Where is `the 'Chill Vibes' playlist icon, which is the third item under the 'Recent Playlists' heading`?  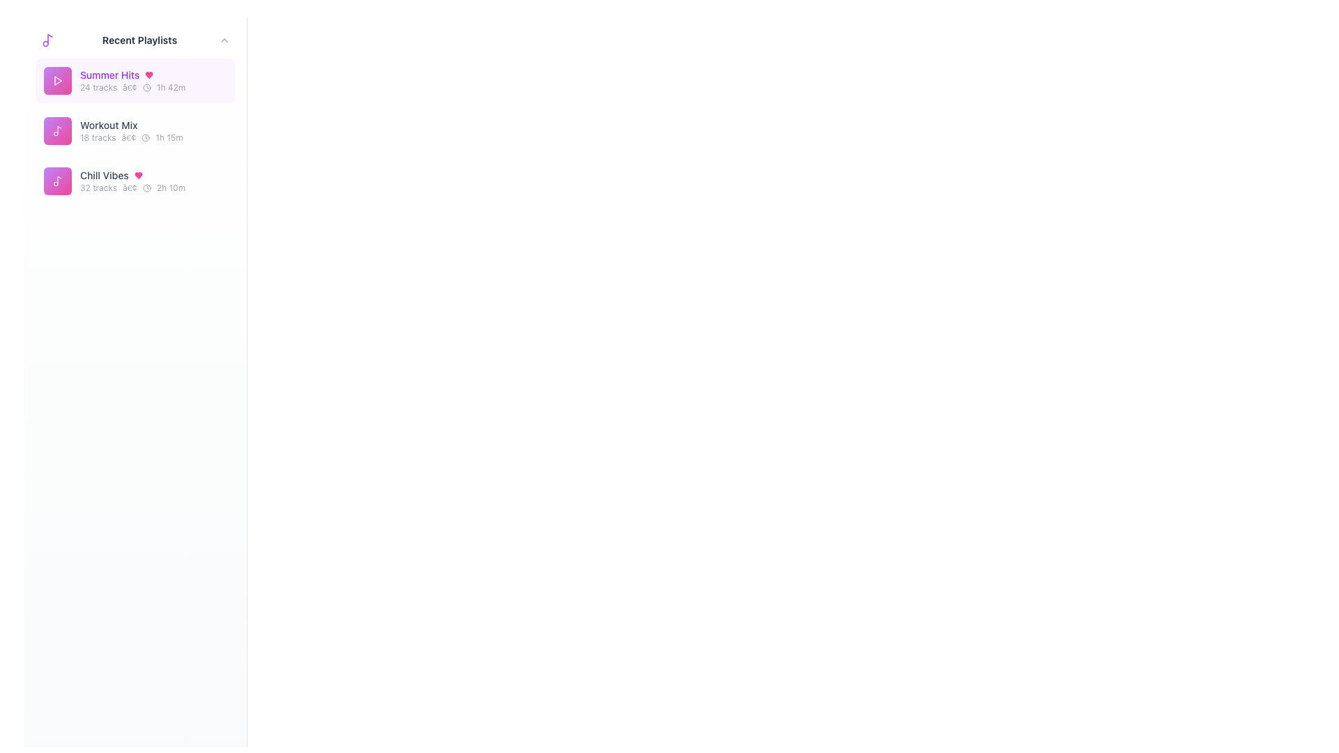
the 'Chill Vibes' playlist icon, which is the third item under the 'Recent Playlists' heading is located at coordinates (56, 180).